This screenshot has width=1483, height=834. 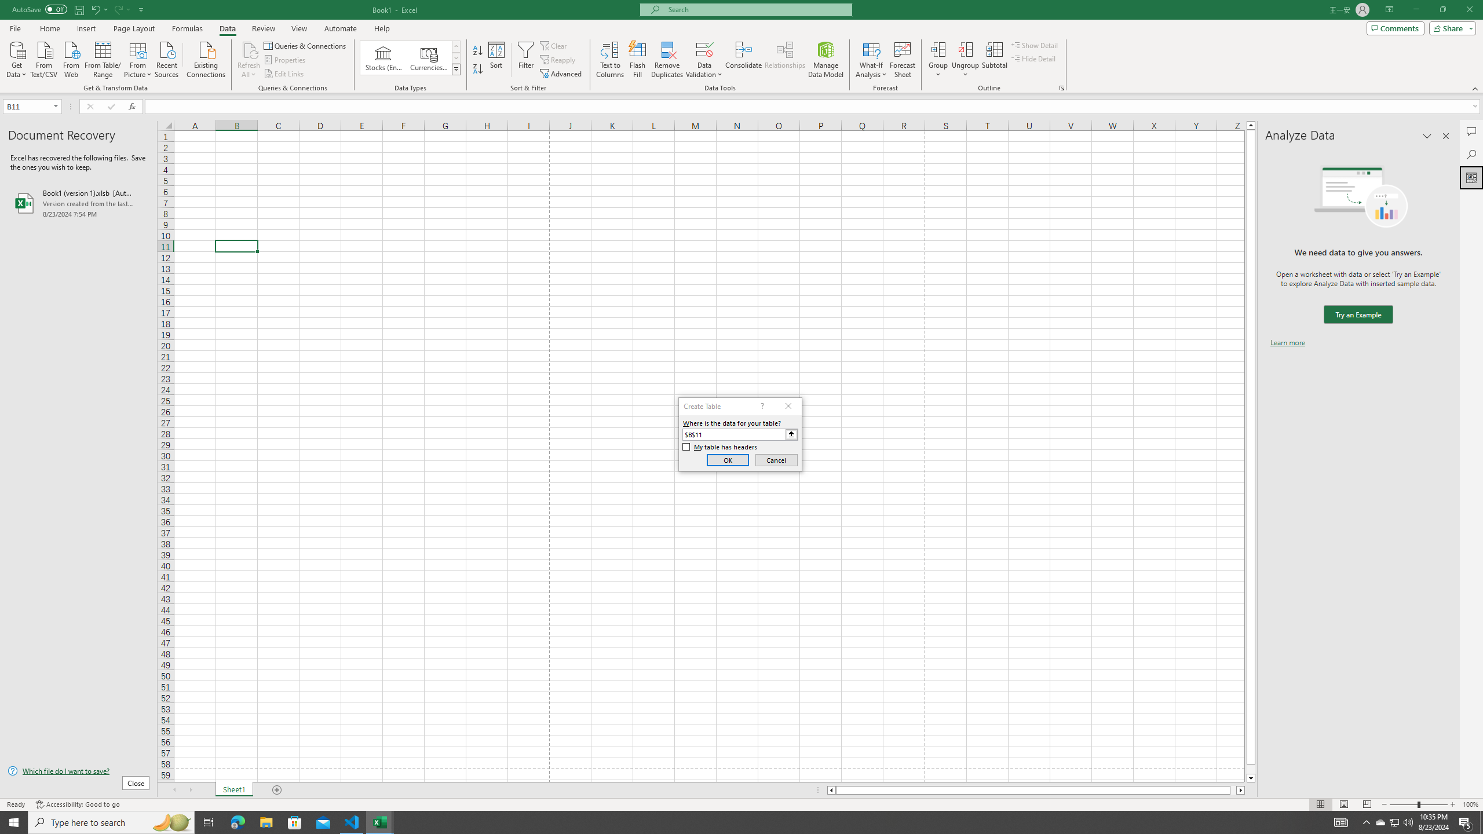 What do you see at coordinates (173, 789) in the screenshot?
I see `'Scroll Left'` at bounding box center [173, 789].